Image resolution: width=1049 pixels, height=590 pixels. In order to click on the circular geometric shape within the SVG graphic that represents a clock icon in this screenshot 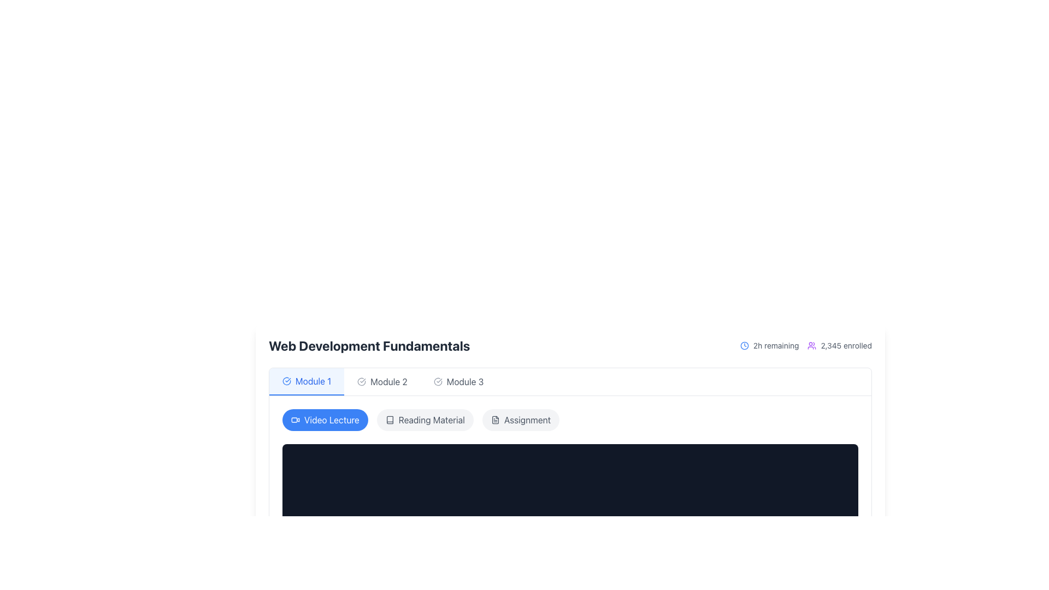, I will do `click(744, 345)`.